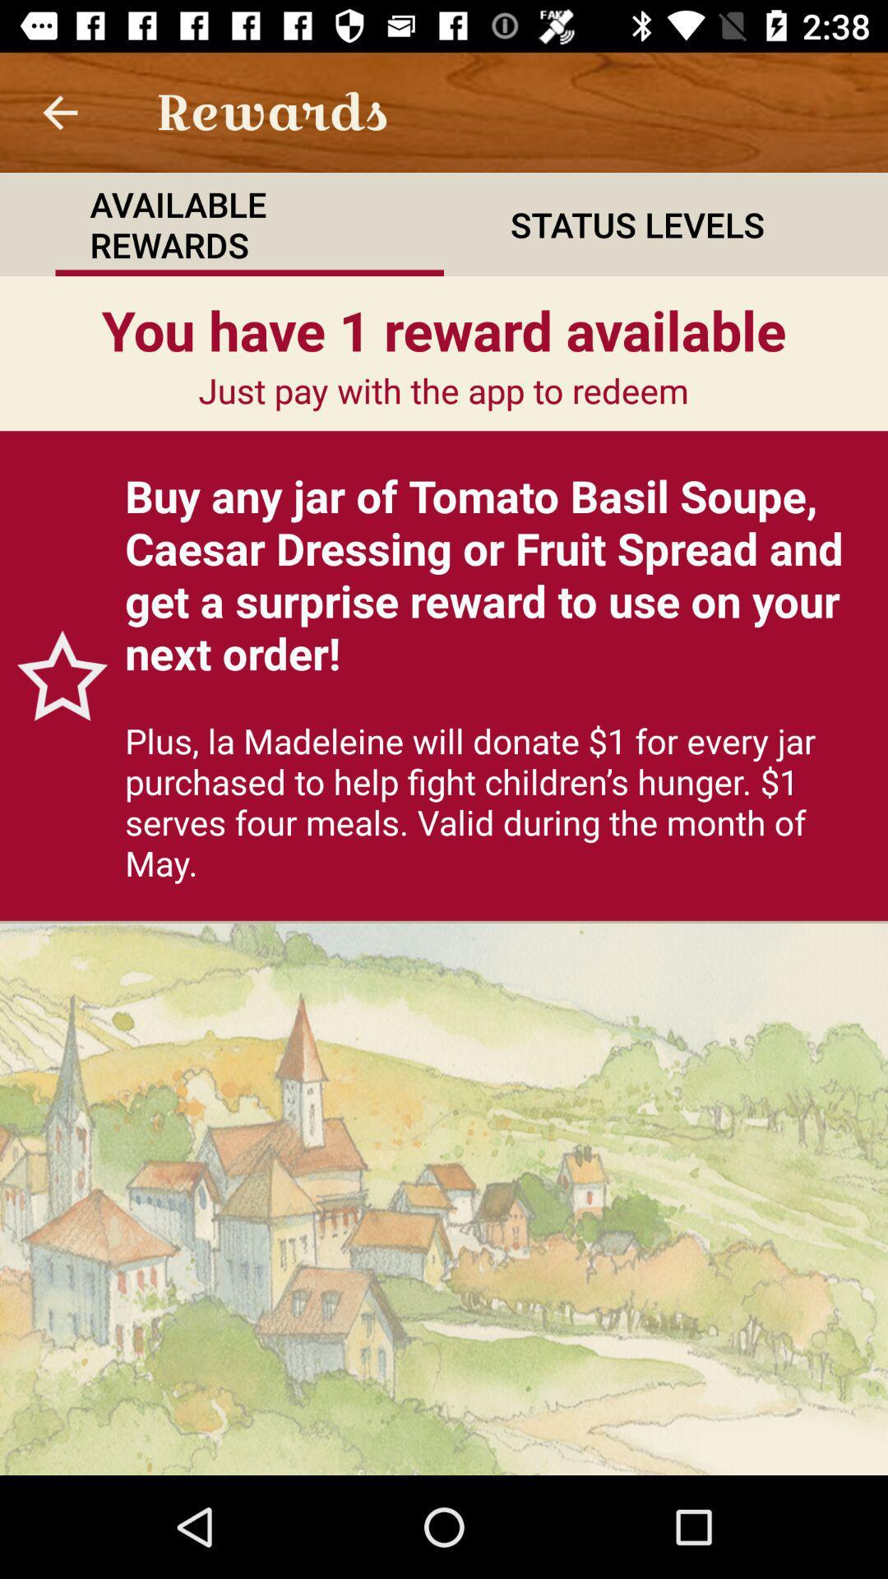  What do you see at coordinates (497, 574) in the screenshot?
I see `the buy any jar icon` at bounding box center [497, 574].